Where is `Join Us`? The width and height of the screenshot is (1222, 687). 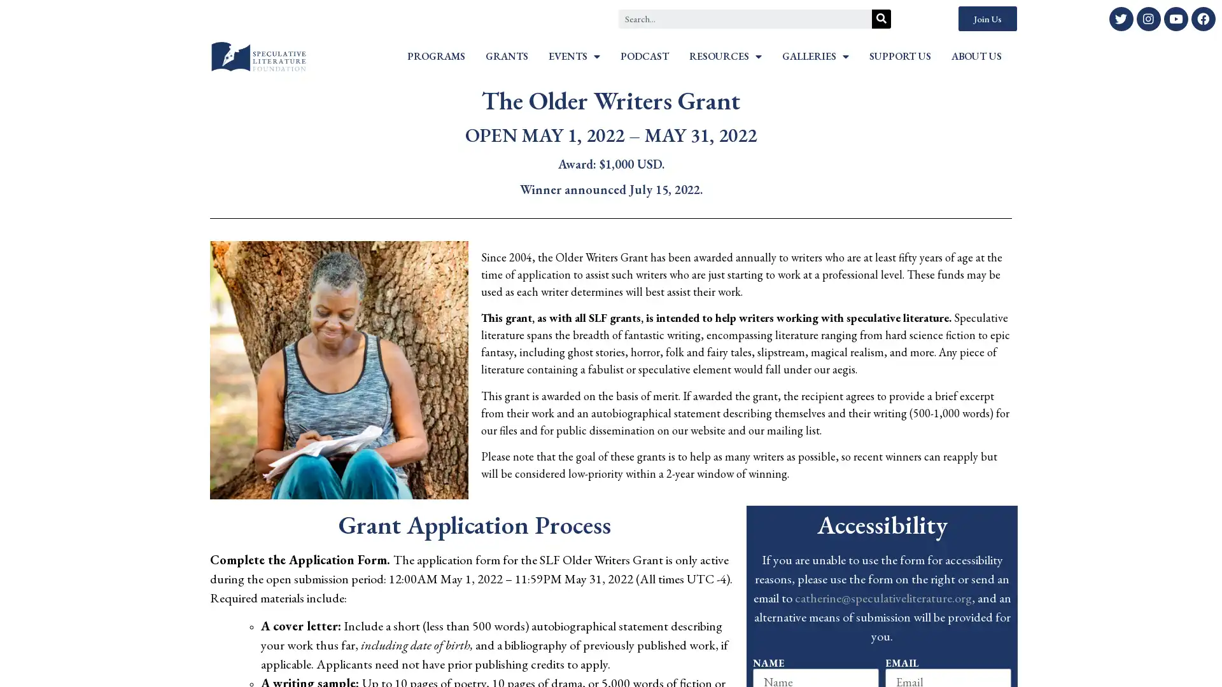 Join Us is located at coordinates (987, 18).